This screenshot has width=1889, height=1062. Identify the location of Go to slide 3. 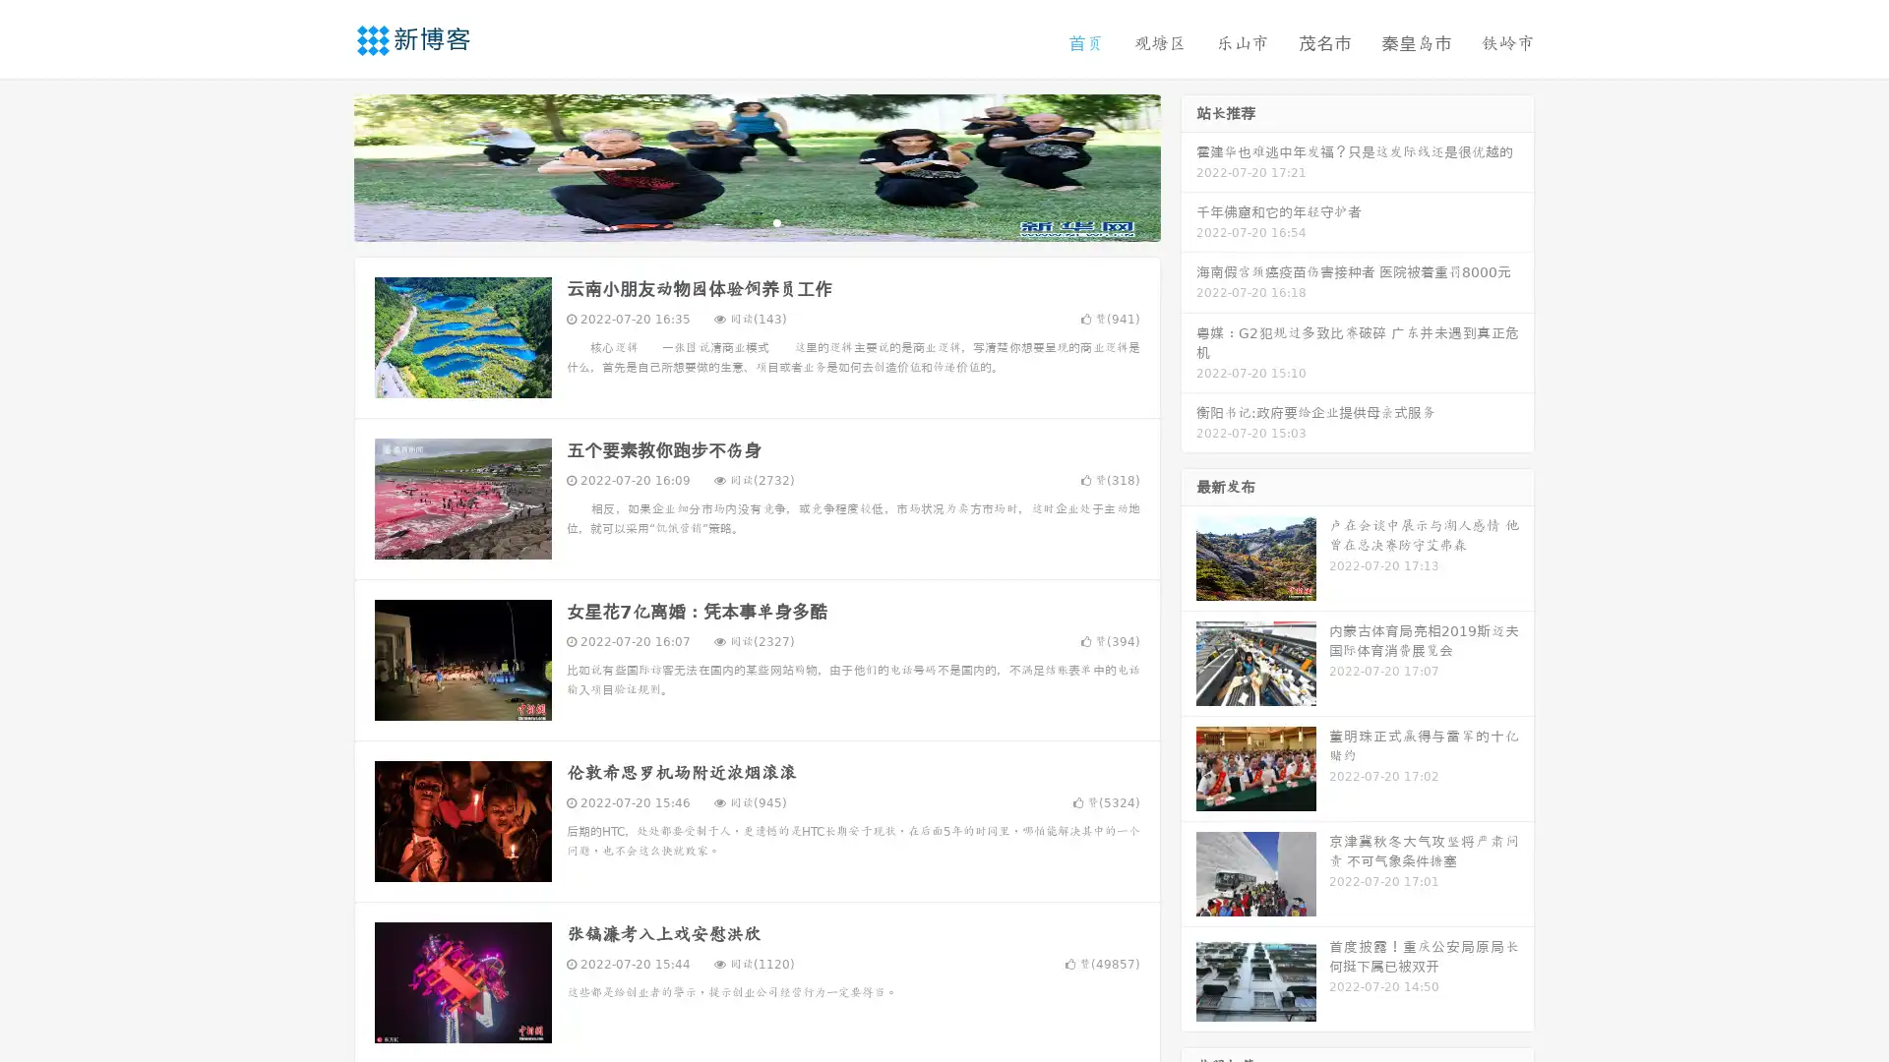
(776, 221).